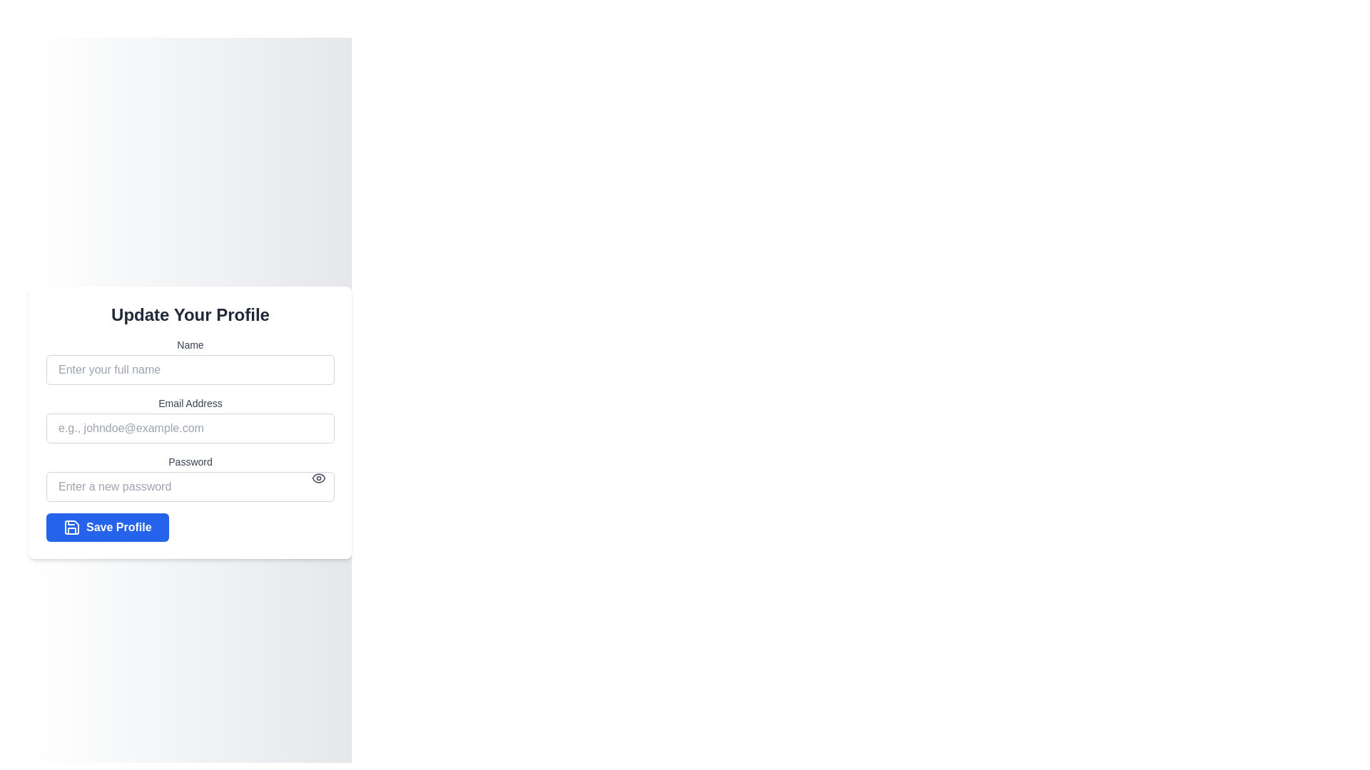  What do you see at coordinates (106, 528) in the screenshot?
I see `the 'Save' button located at the bottom of the 'Update Your Profile' form` at bounding box center [106, 528].